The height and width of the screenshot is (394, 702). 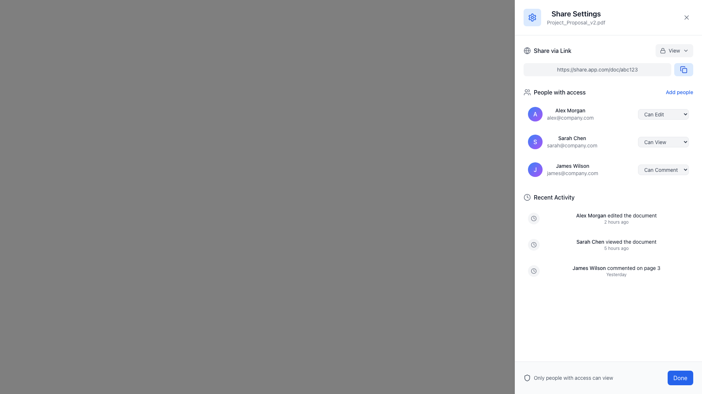 I want to click on the square icon with a light blue background and a settings gear symbol located at the top-left corner of the 'Share Settings' section, so click(x=532, y=17).